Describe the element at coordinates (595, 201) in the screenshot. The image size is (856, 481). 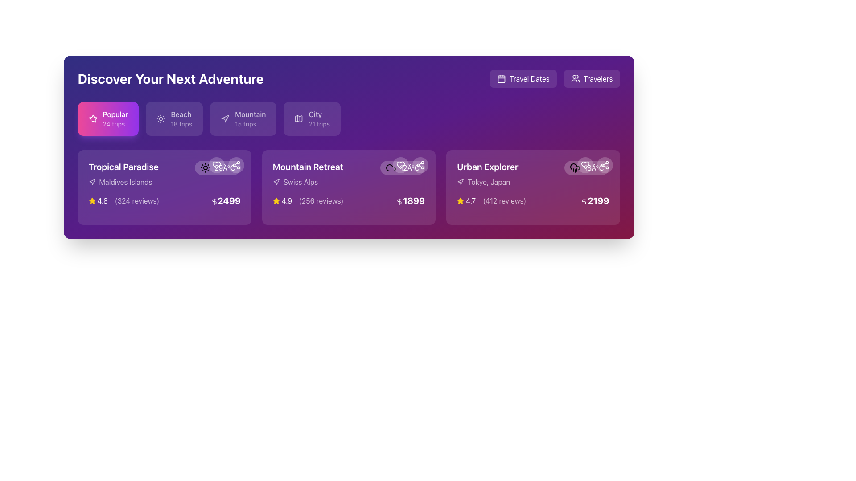
I see `price information indicated by the text label with a dollar sign icon located in the bottom-right corner of the third card under the 'Urban Explorer' section of the 'Discover Your Next Adventure' section` at that location.